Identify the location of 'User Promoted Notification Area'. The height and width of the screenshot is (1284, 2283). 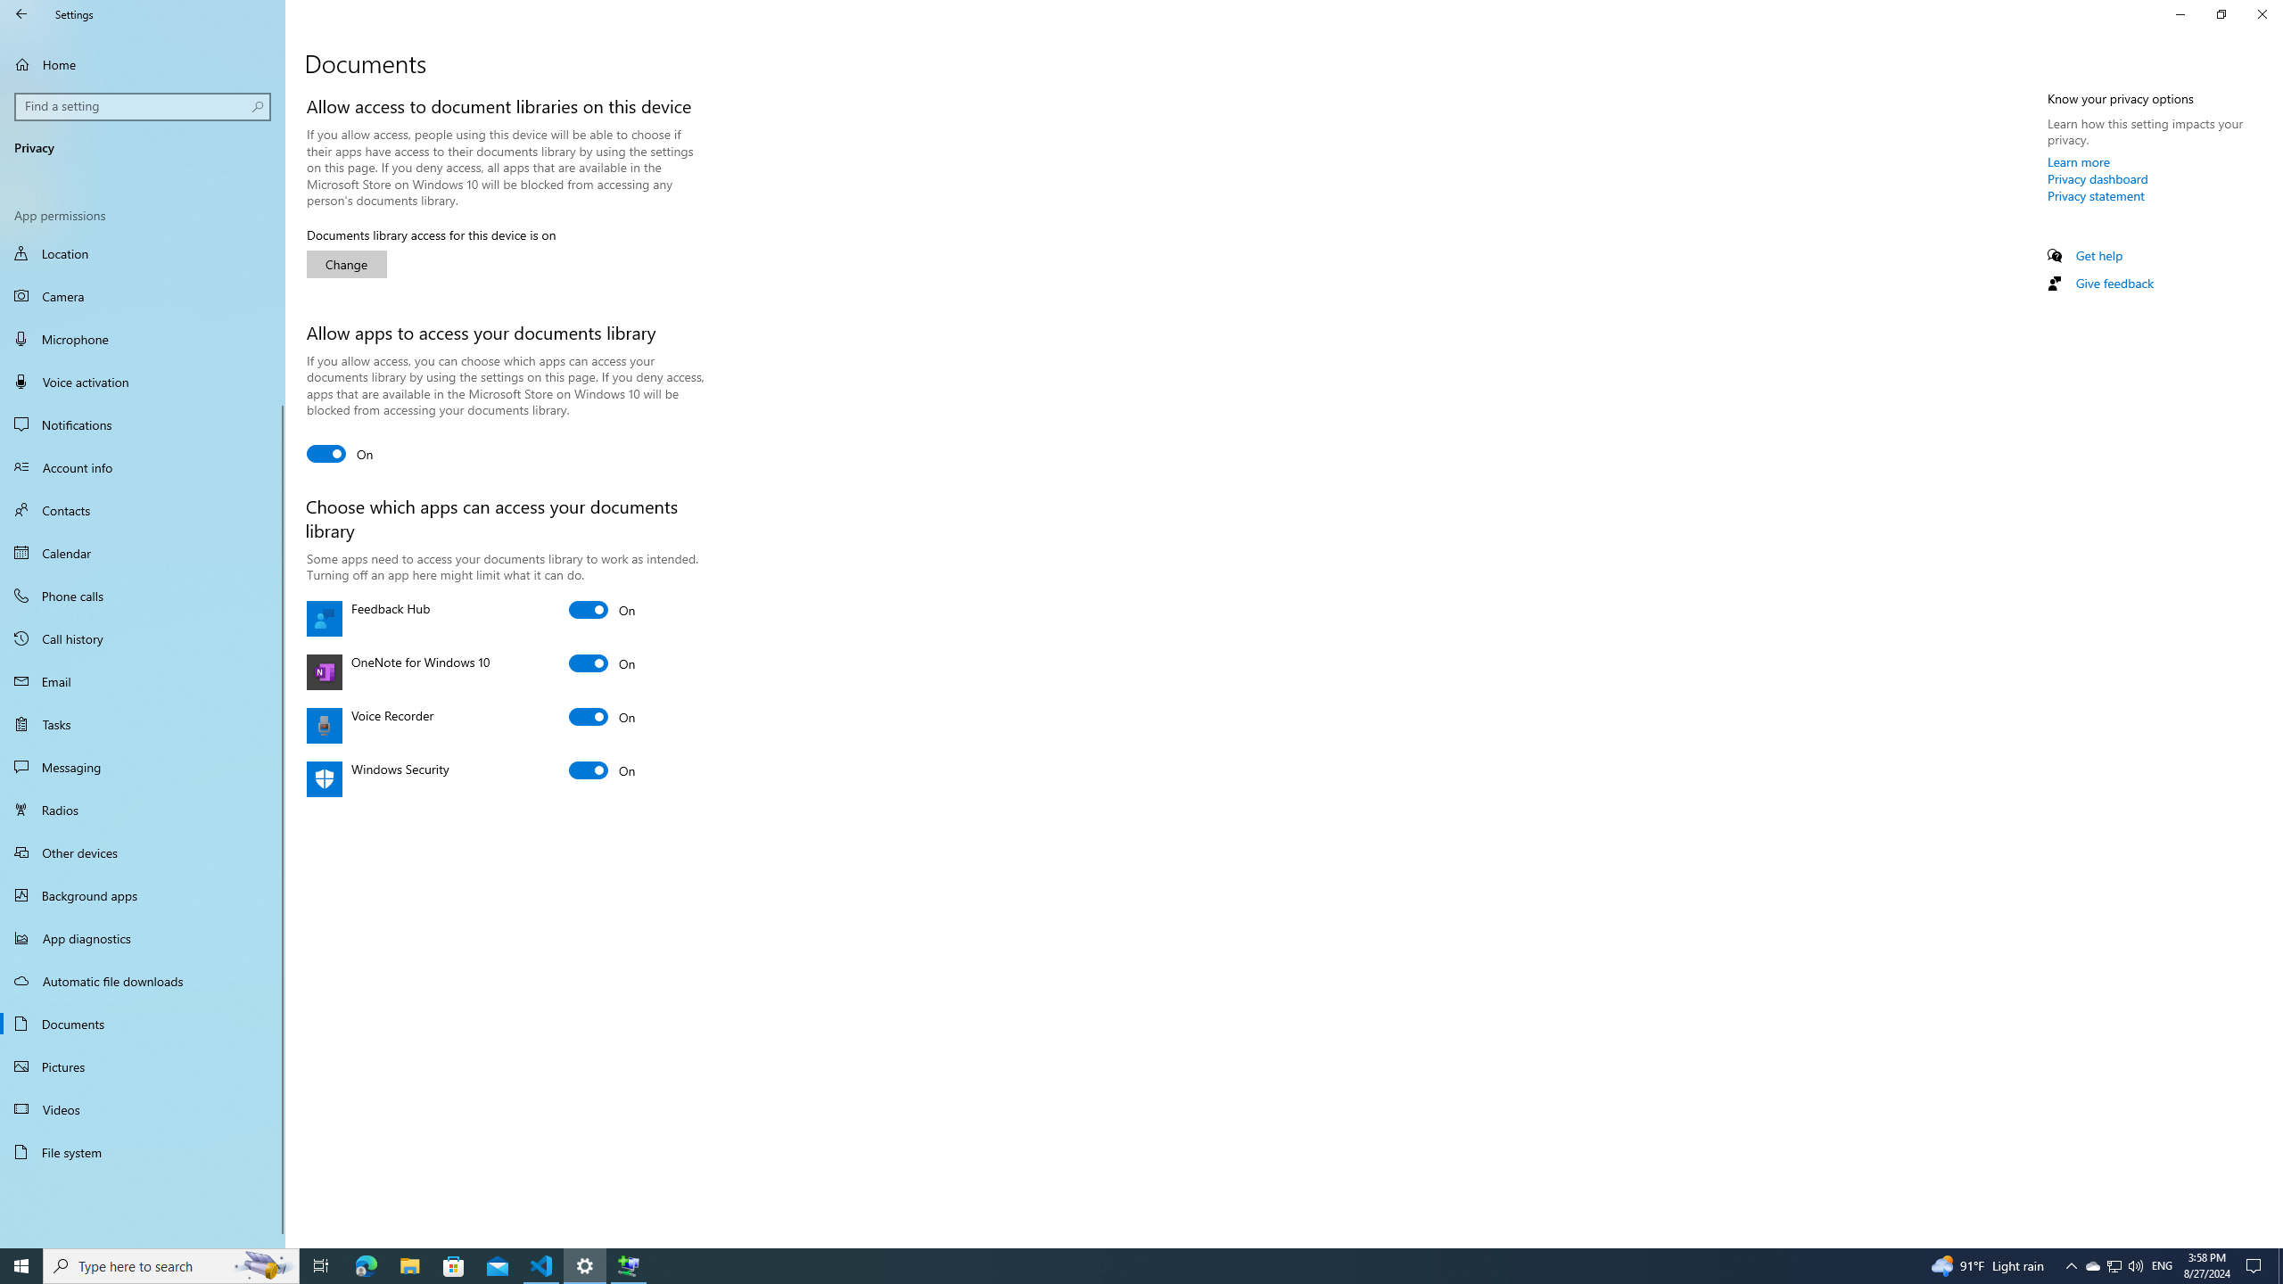
(2113, 1264).